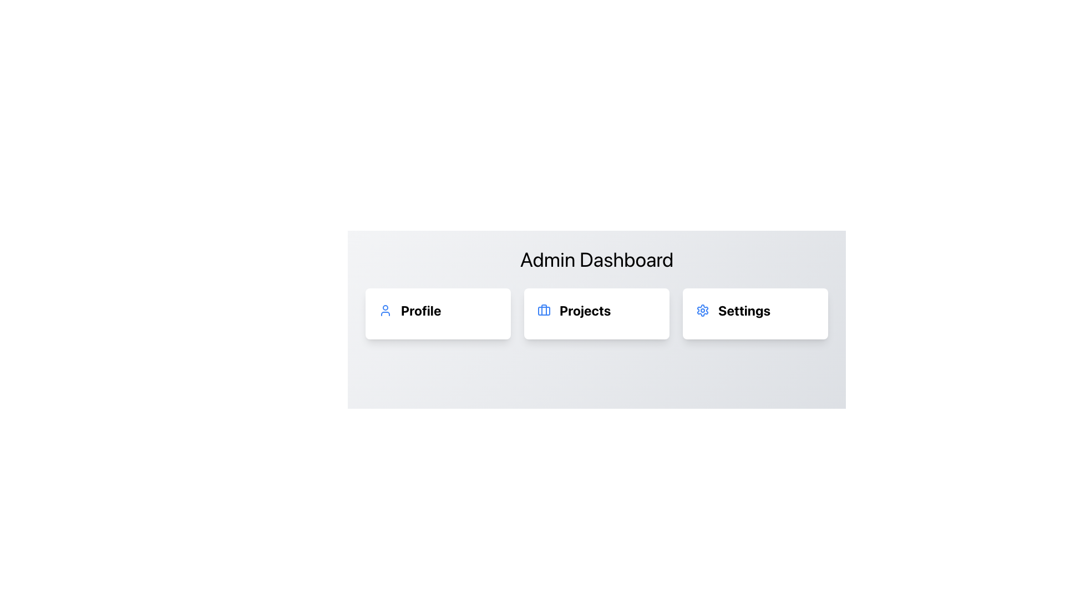 The width and height of the screenshot is (1065, 599). What do you see at coordinates (386, 310) in the screenshot?
I see `the user profile icon located in the top-left of the 'Profile' card, which is part of the horizontal list of cards` at bounding box center [386, 310].